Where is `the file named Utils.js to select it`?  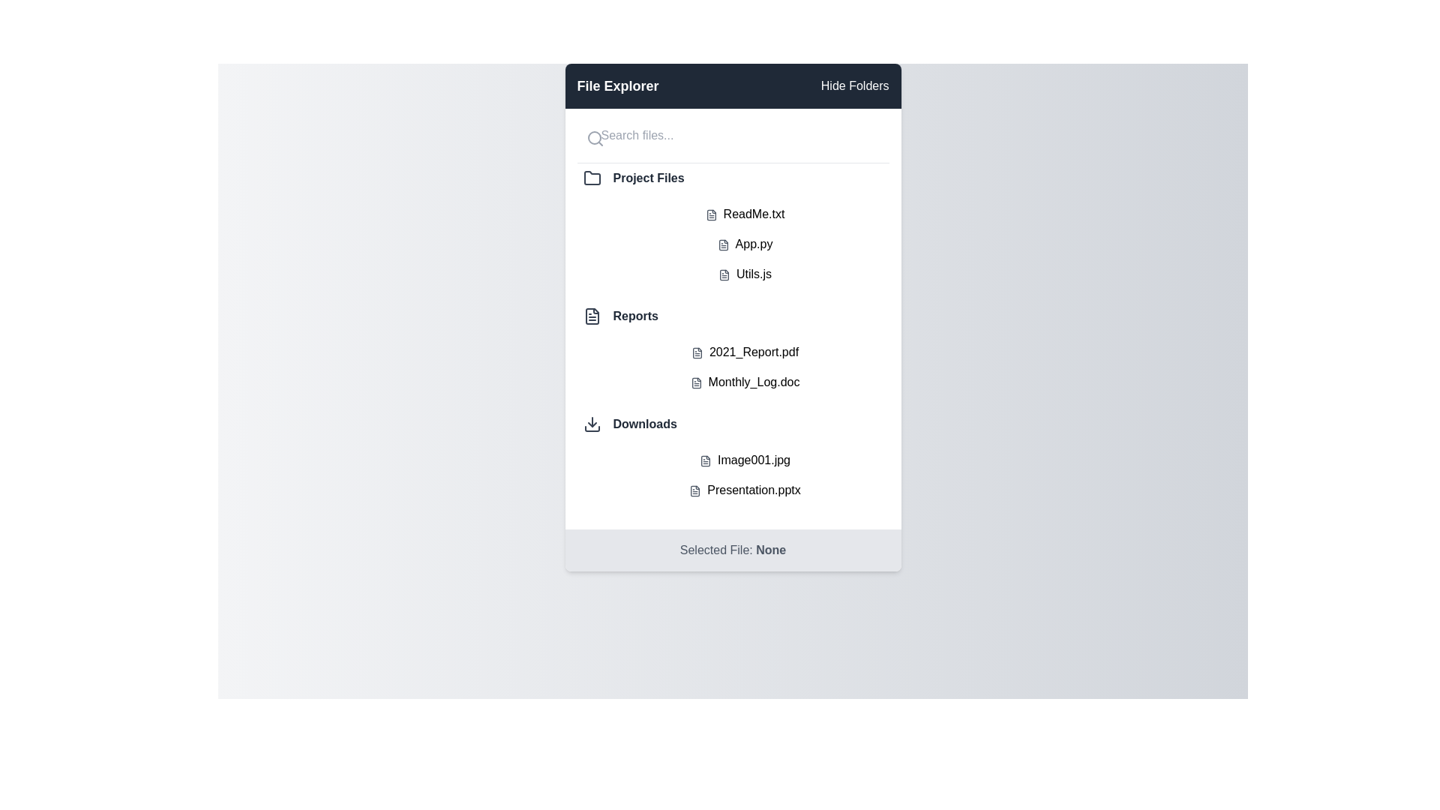 the file named Utils.js to select it is located at coordinates (745, 274).